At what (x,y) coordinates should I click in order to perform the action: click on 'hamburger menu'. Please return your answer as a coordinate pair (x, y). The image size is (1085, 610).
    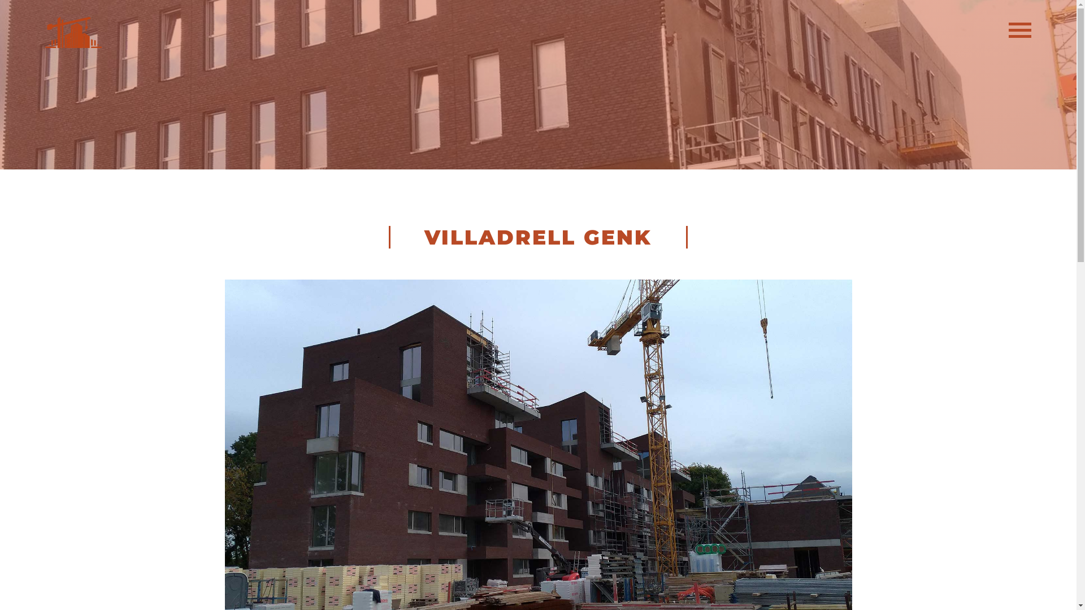
    Looking at the image, I should click on (1019, 33).